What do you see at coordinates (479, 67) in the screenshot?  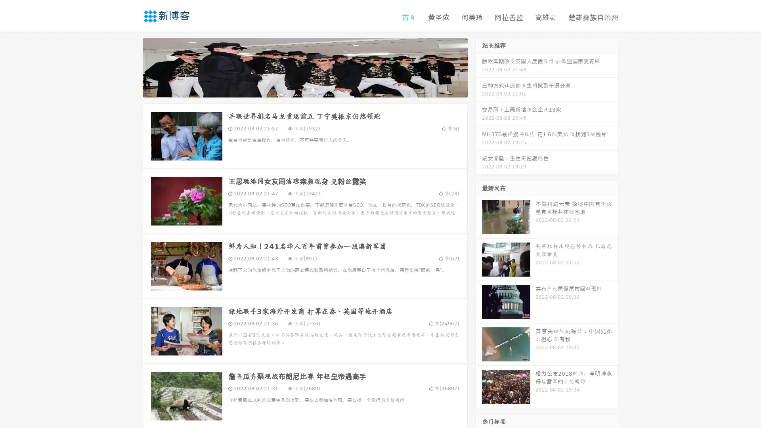 I see `Next slide` at bounding box center [479, 67].